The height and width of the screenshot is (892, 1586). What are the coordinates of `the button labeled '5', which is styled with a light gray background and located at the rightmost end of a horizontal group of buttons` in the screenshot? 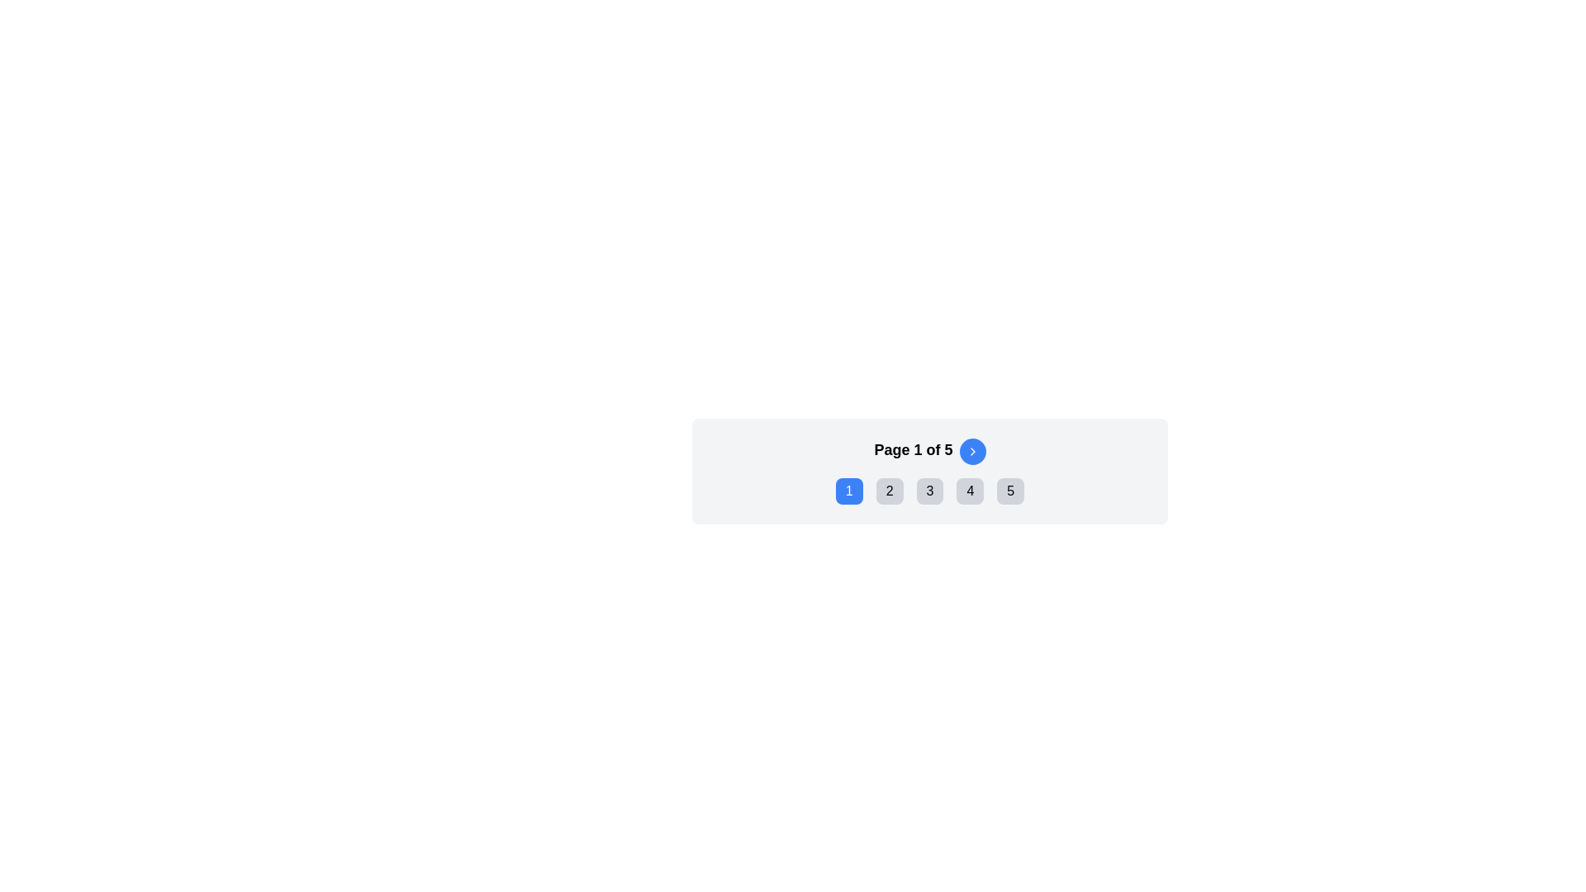 It's located at (1009, 490).